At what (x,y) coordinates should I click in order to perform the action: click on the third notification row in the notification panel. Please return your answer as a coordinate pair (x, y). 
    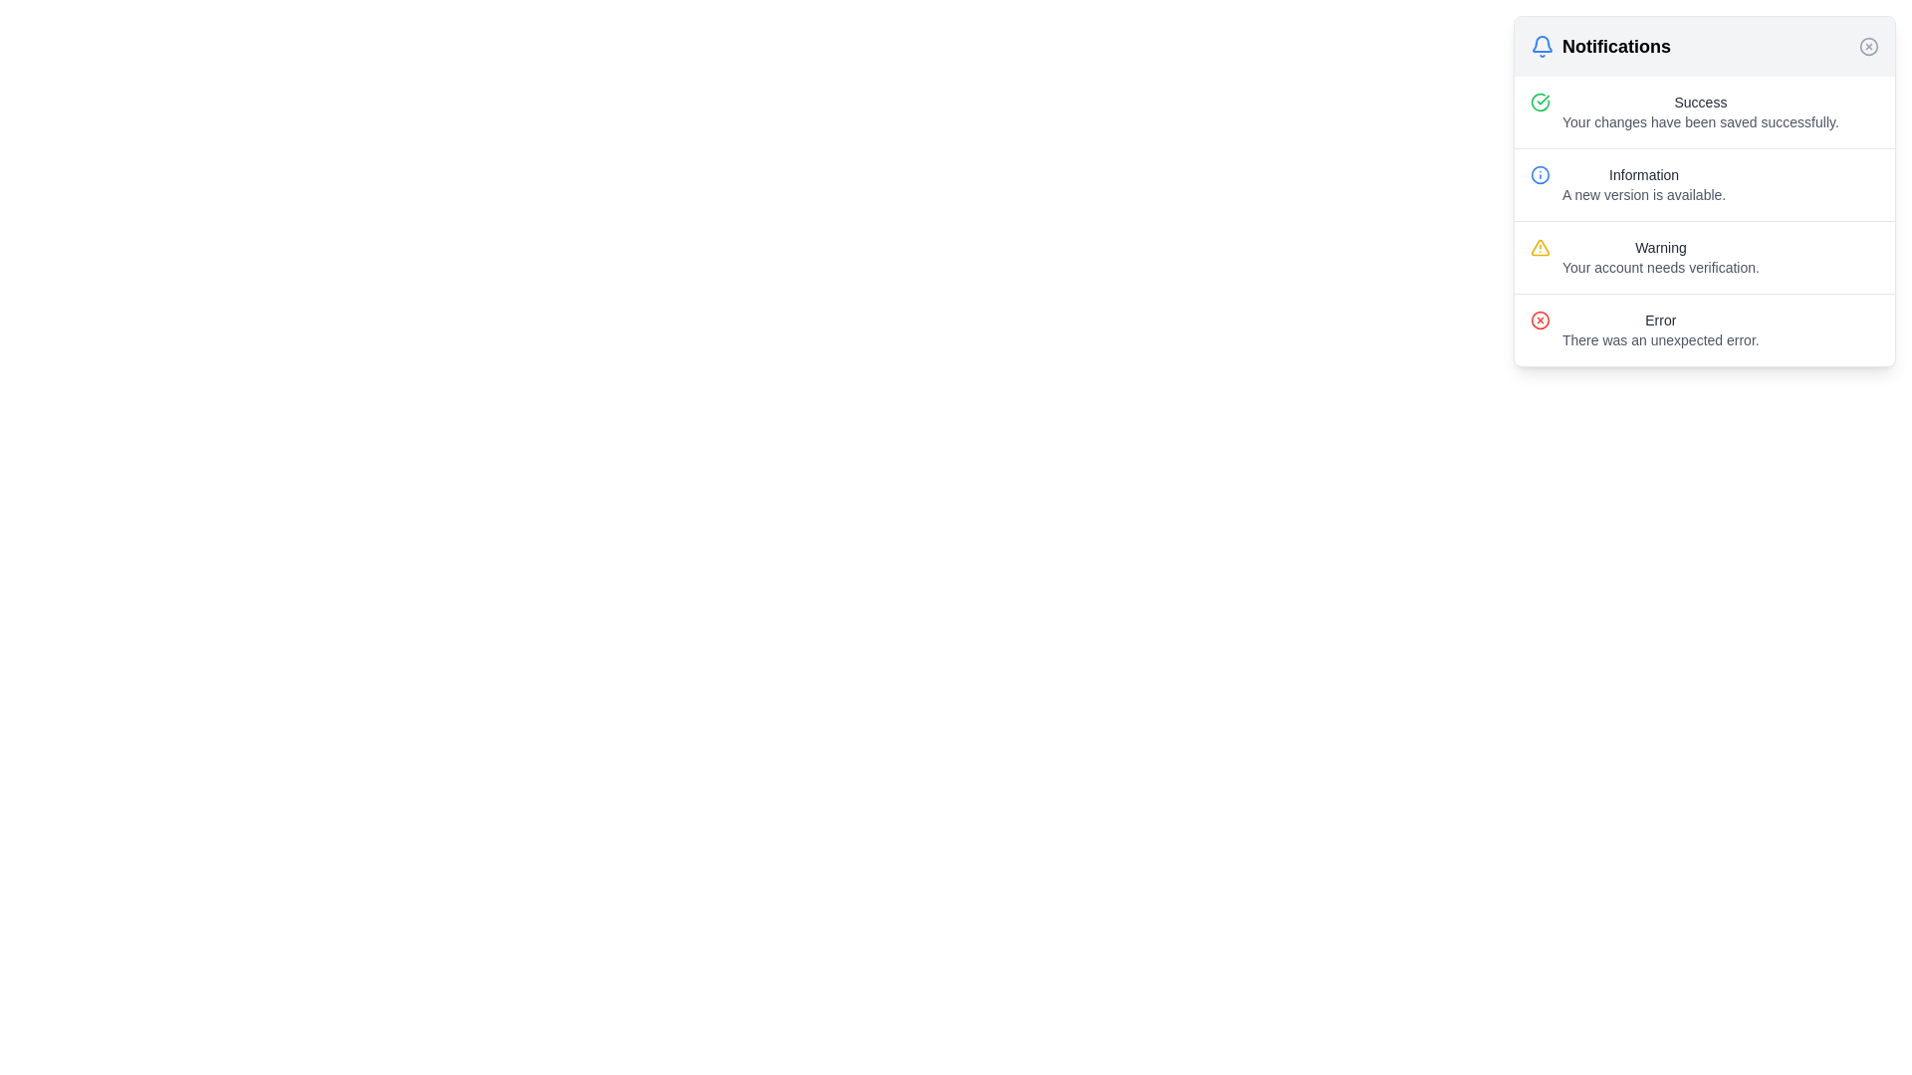
    Looking at the image, I should click on (1704, 256).